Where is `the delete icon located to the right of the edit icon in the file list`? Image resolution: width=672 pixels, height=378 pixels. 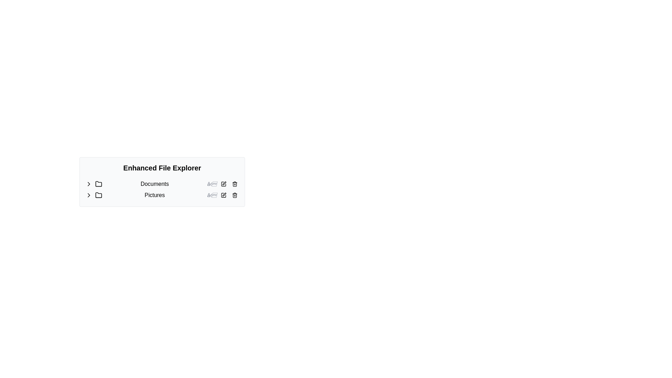
the delete icon located to the right of the edit icon in the file list is located at coordinates (235, 183).